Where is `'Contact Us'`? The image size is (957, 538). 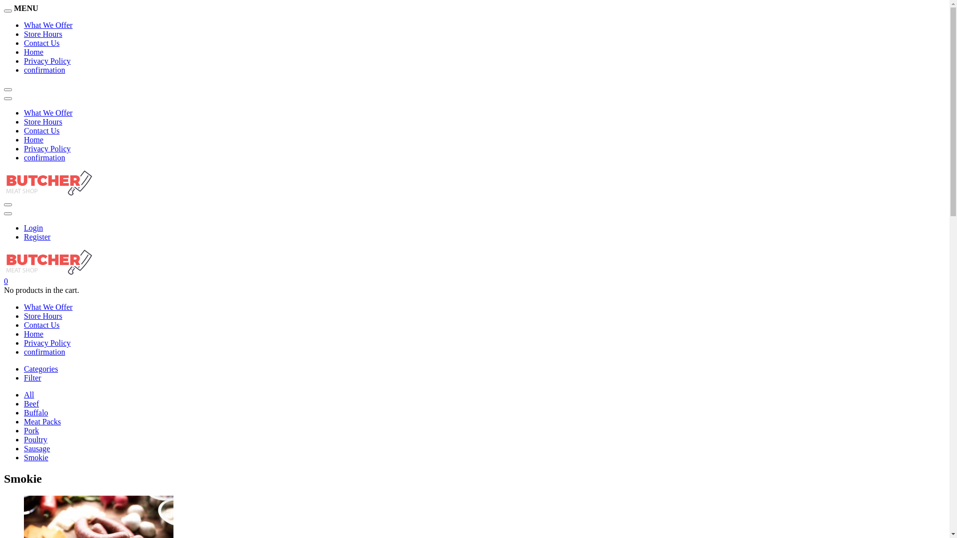 'Contact Us' is located at coordinates (41, 130).